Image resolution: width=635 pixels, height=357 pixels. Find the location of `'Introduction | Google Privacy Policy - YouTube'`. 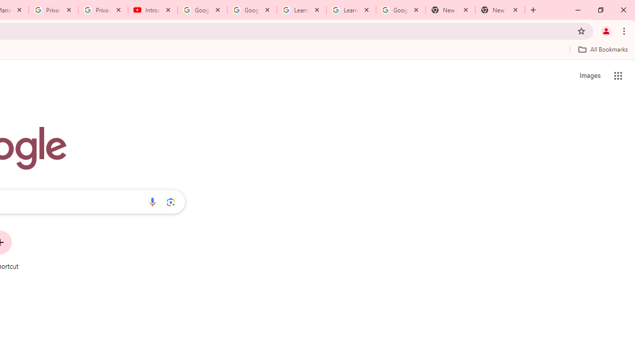

'Introduction | Google Privacy Policy - YouTube' is located at coordinates (152, 10).